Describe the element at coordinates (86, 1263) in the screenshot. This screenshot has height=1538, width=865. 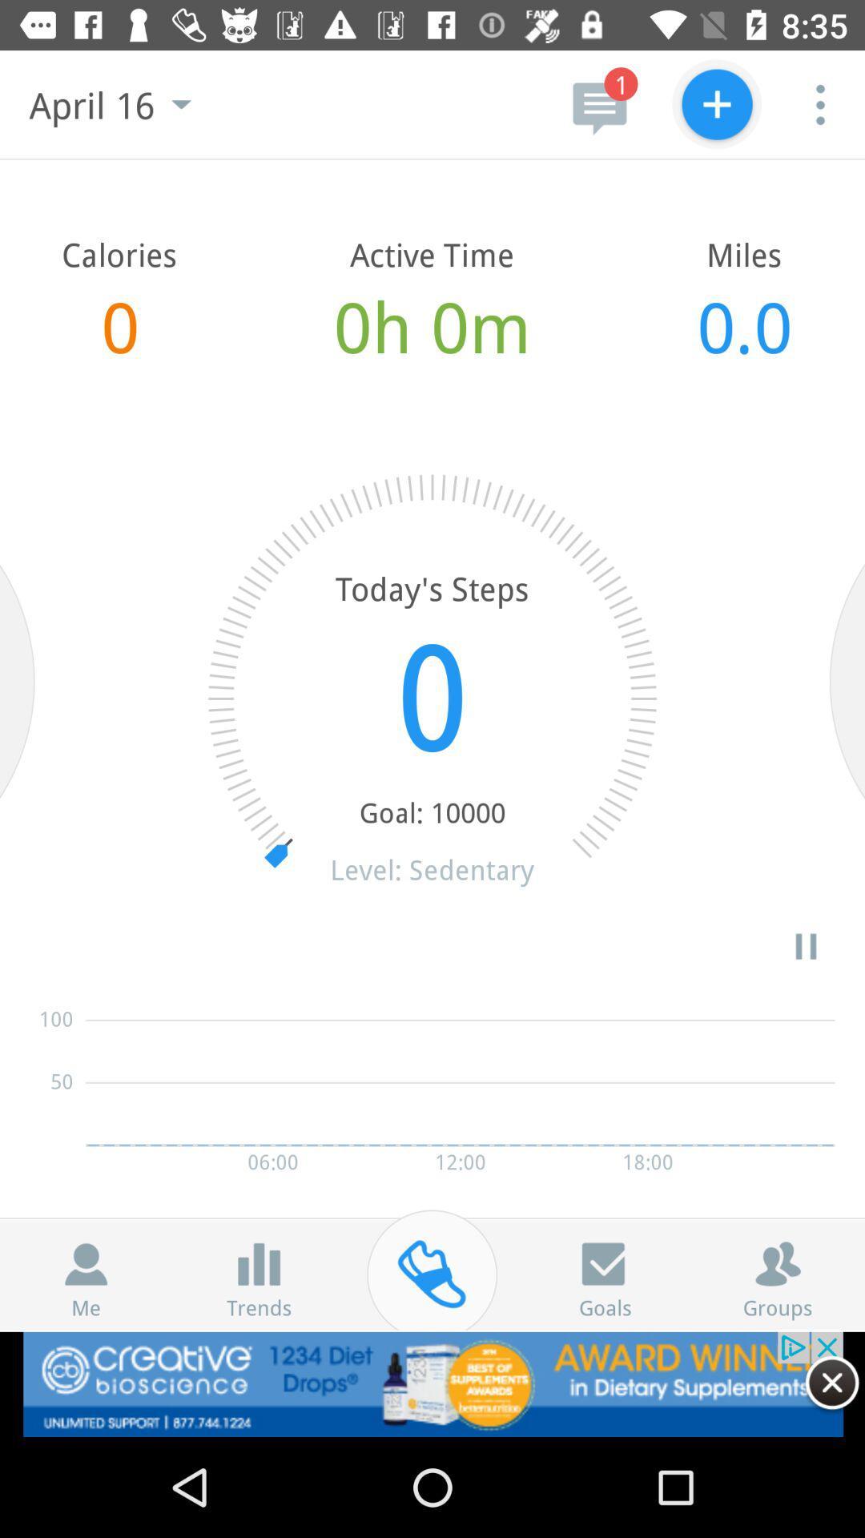
I see `the avatar icon` at that location.